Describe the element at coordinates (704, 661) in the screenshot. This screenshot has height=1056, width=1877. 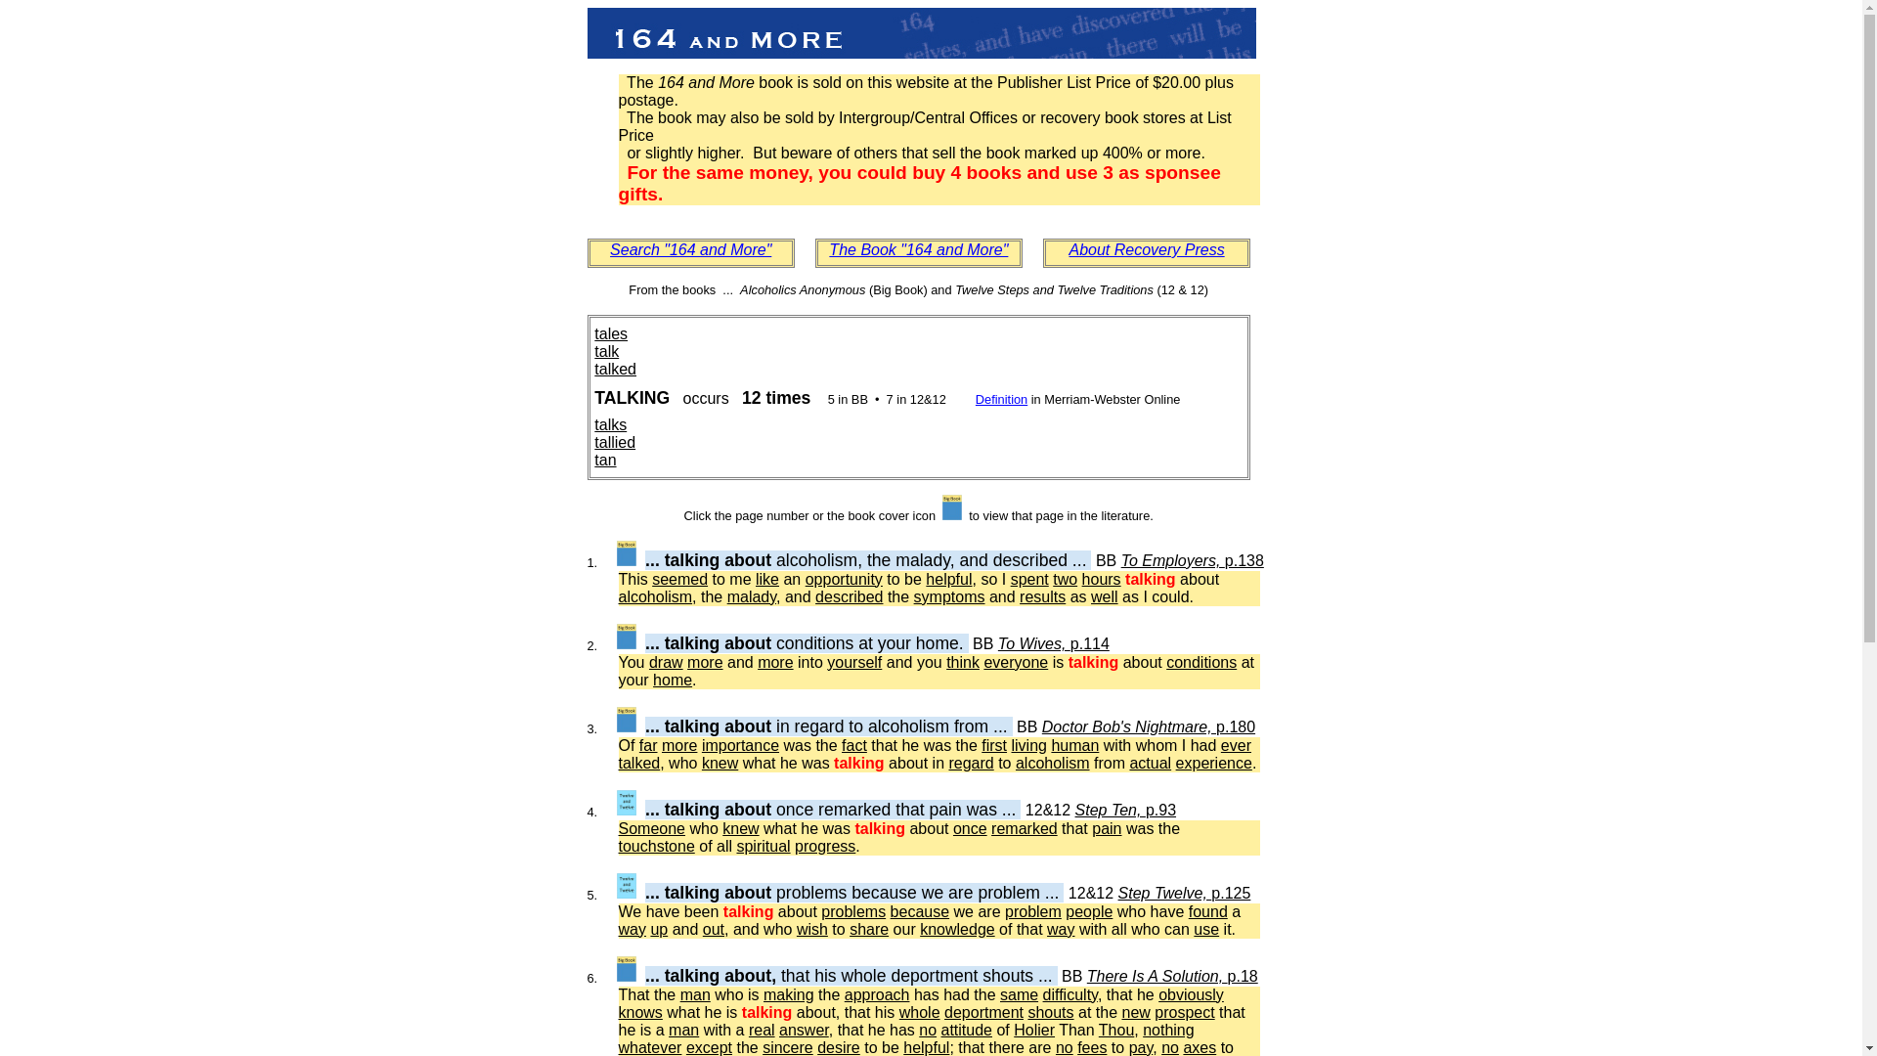
I see `'more'` at that location.